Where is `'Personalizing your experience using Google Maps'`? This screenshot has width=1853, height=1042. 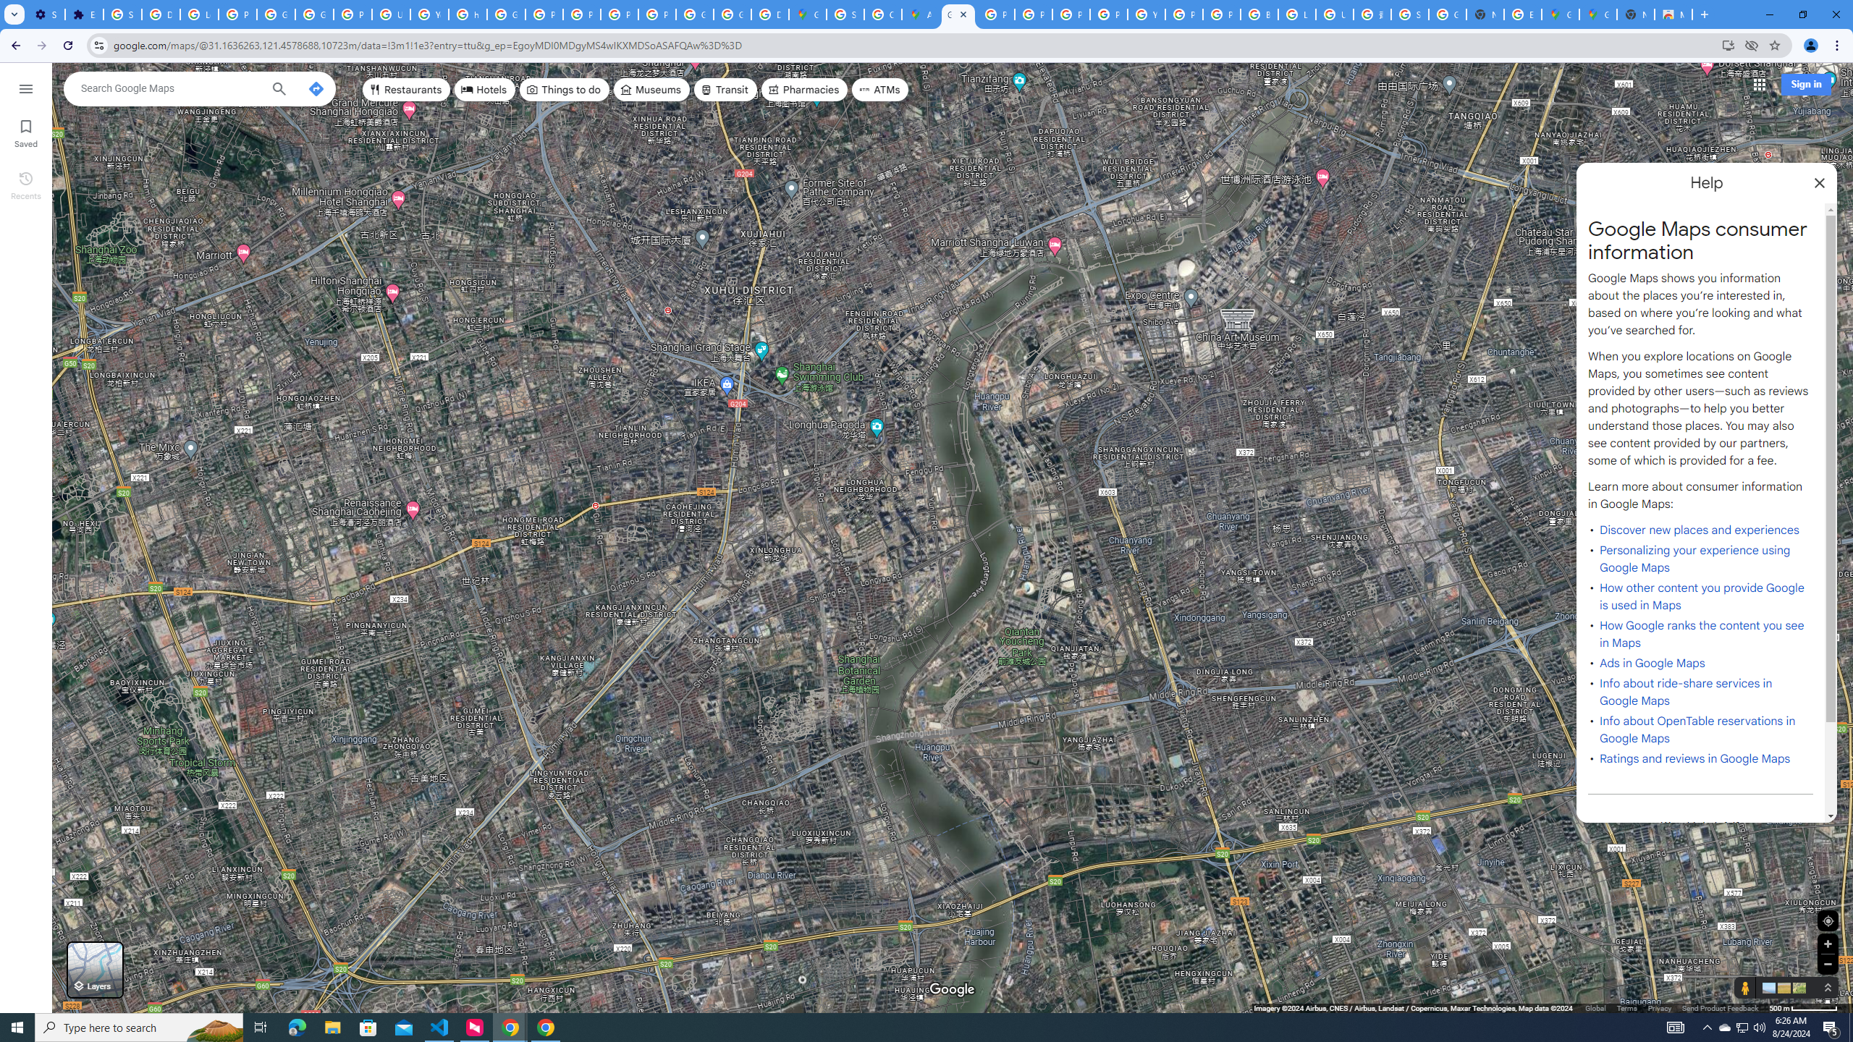
'Personalizing your experience using Google Maps' is located at coordinates (1694, 559).